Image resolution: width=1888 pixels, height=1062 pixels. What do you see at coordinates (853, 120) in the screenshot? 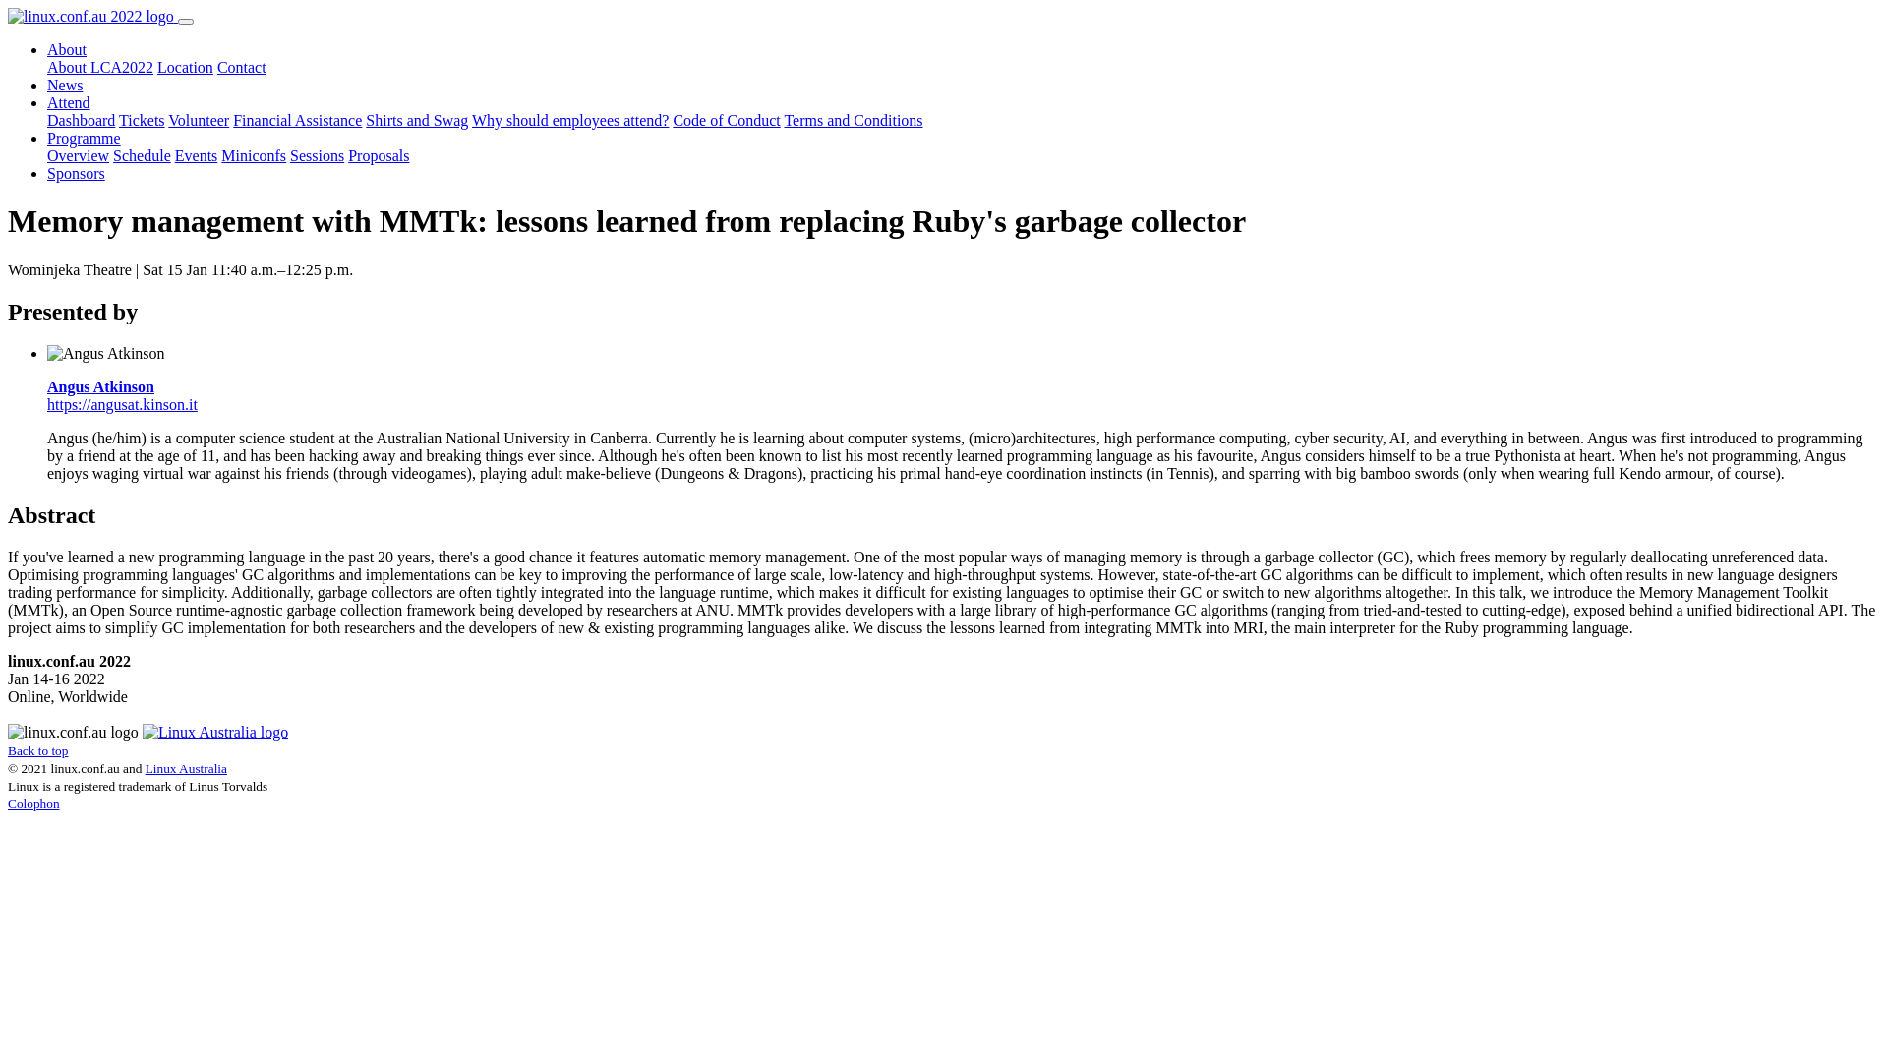
I see `'Terms and Conditions'` at bounding box center [853, 120].